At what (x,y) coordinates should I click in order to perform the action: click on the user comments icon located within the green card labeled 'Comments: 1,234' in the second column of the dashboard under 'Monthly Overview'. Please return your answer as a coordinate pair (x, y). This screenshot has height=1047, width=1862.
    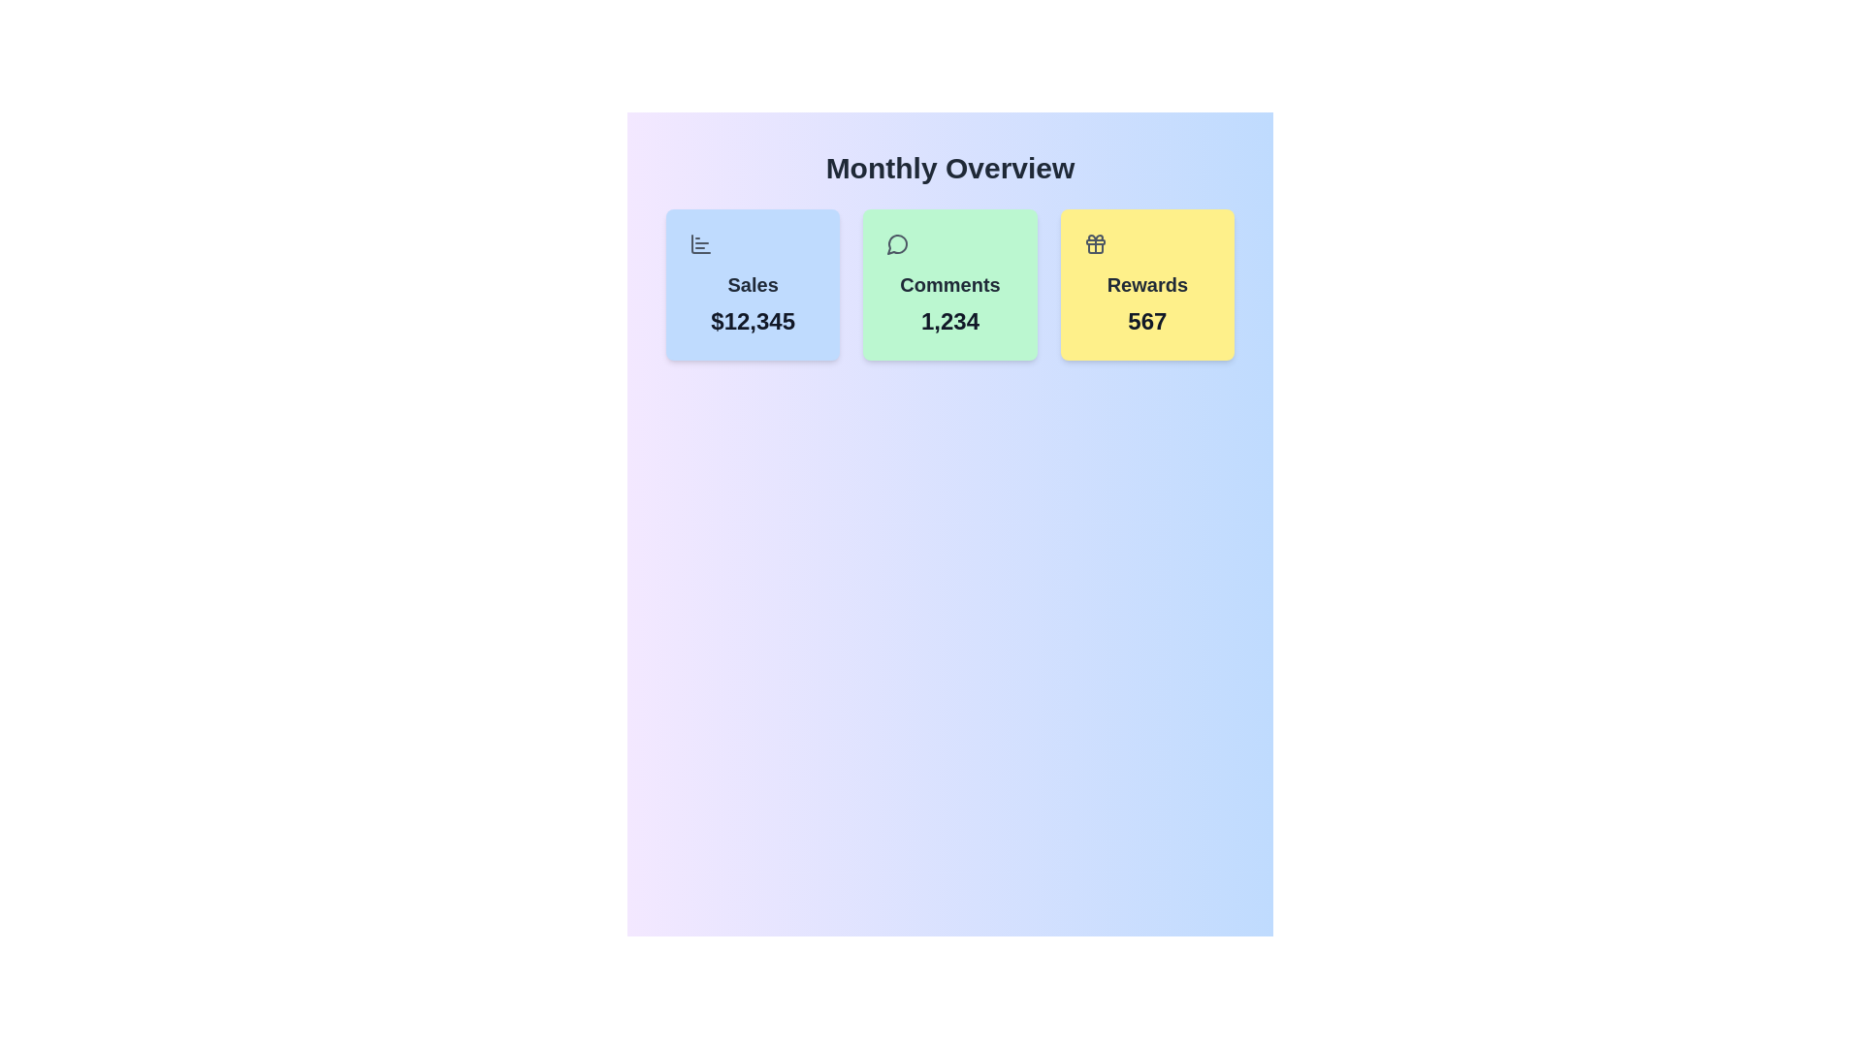
    Looking at the image, I should click on (896, 243).